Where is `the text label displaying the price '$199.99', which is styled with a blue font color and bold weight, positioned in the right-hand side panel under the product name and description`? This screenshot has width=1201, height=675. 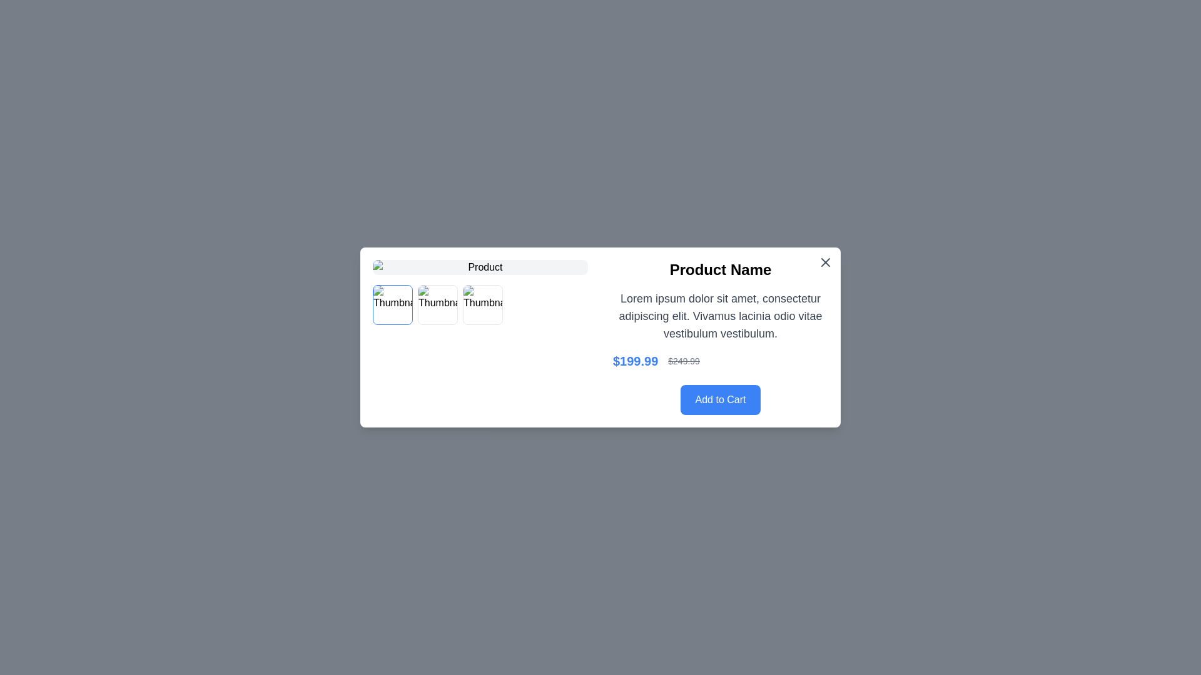
the text label displaying the price '$199.99', which is styled with a blue font color and bold weight, positioned in the right-hand side panel under the product name and description is located at coordinates (636, 361).